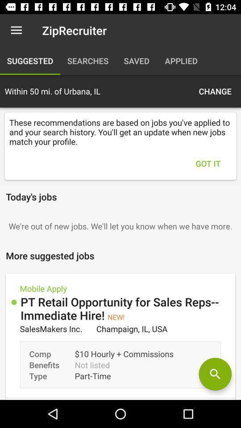  I want to click on the search icon, so click(215, 374).